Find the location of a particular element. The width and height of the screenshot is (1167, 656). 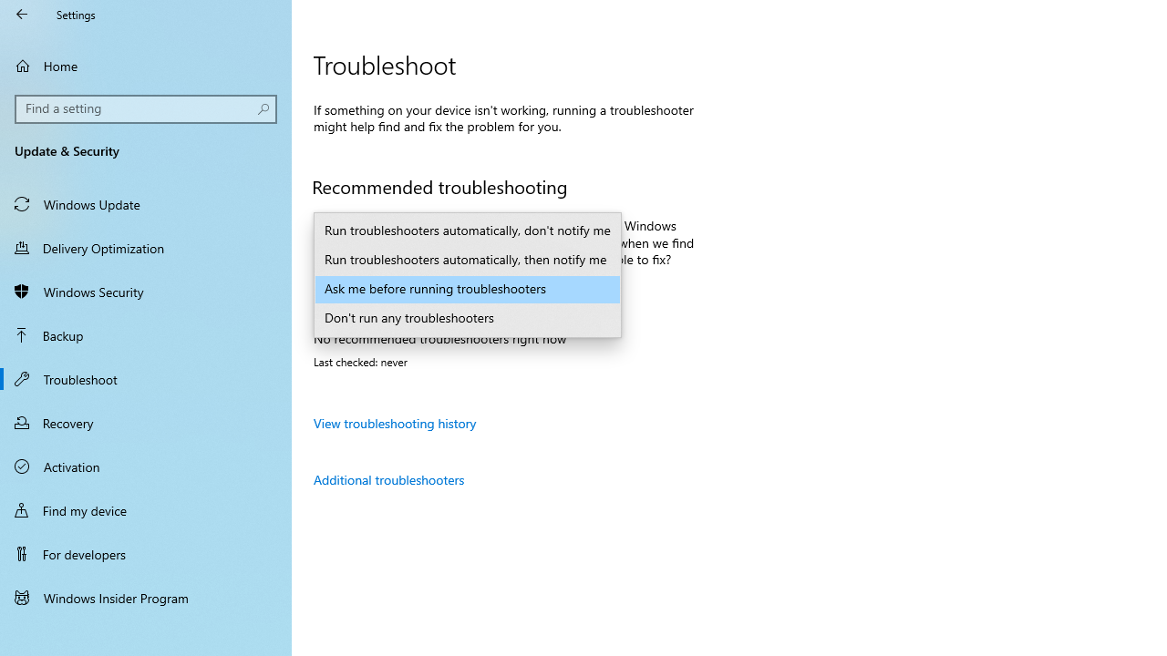

'Activation' is located at coordinates (146, 465).